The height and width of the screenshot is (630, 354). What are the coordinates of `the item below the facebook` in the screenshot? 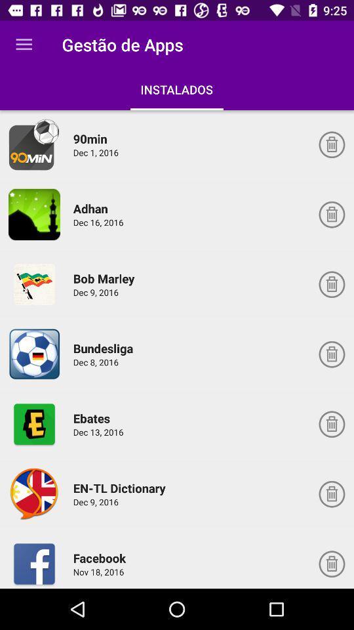 It's located at (100, 571).